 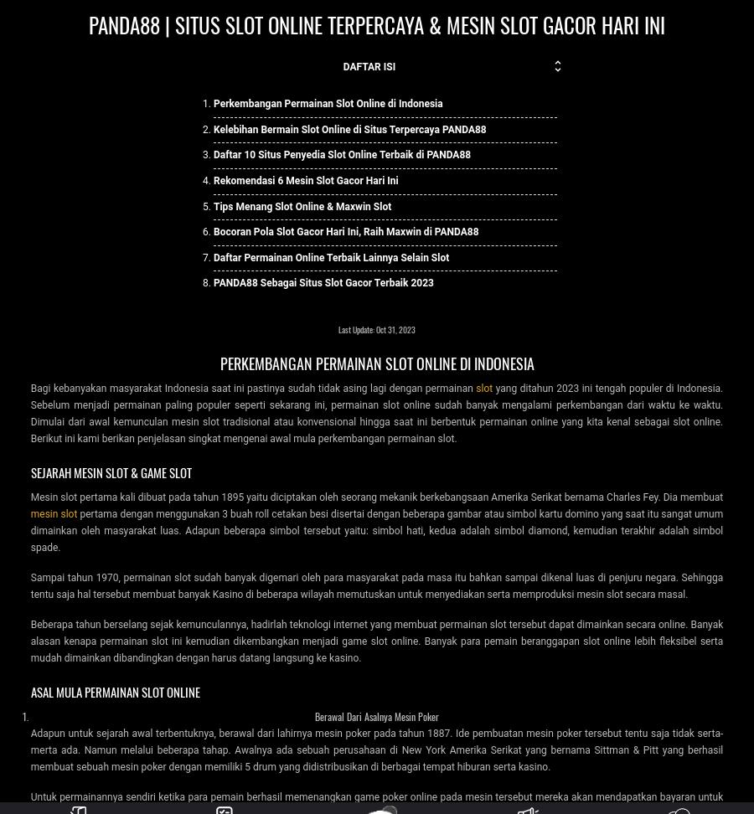 I want to click on 'Sampai tahun 1970, permainan slot sudah banyak digemari oleh para masyarakat pada masa itu bahkan sampai dikenal luas di penjuru negara. Sehingga tentu saja hal tersebut membuat banyak Kasino di beberapa wilayah memutuskan untuk menyediakan serta memproduksi mesin slot secara masal.', so click(x=376, y=584).